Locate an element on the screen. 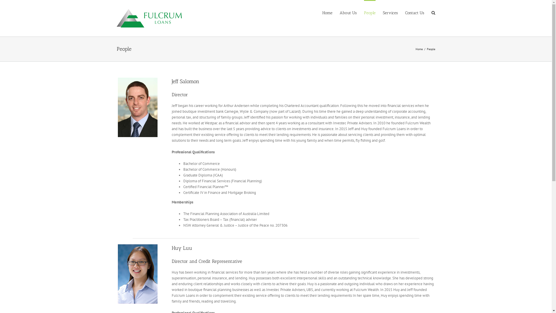  'About Us' is located at coordinates (348, 12).